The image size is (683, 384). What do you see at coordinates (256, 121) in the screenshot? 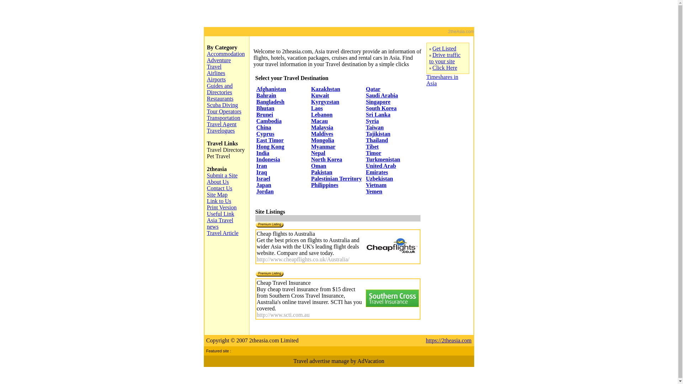
I see `'Cambodia'` at bounding box center [256, 121].